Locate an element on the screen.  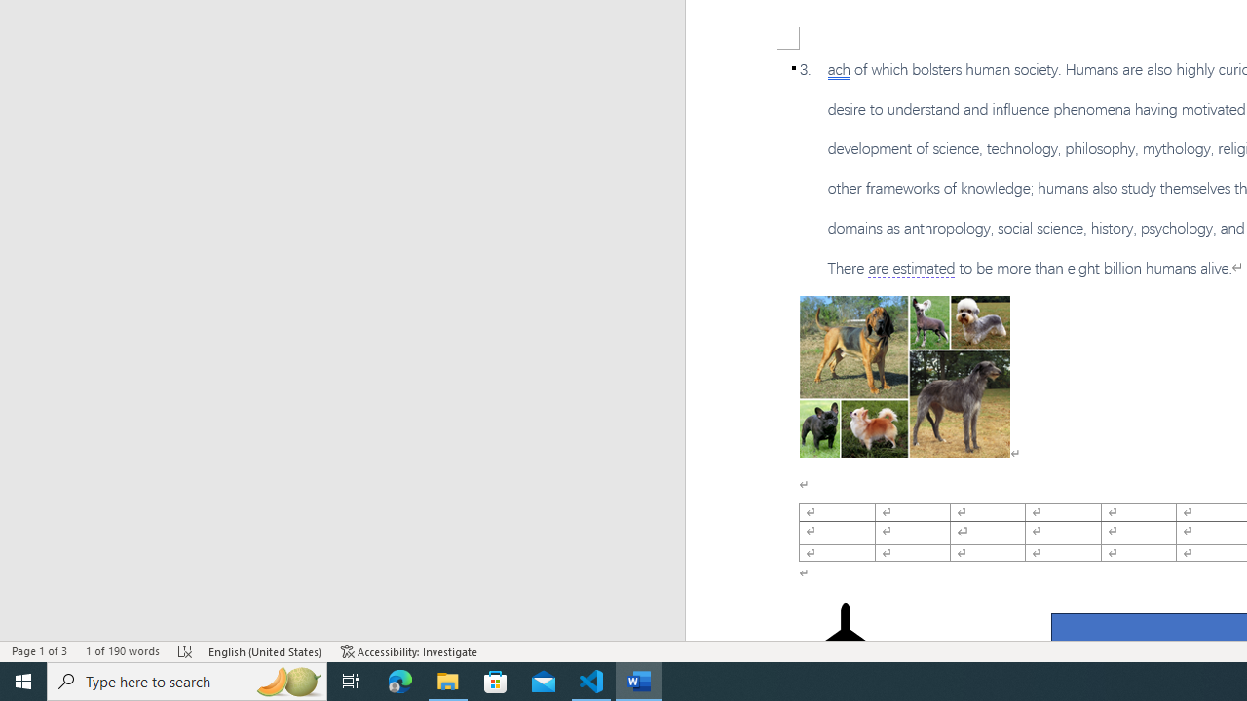
'Microsoft Edge' is located at coordinates (399, 680).